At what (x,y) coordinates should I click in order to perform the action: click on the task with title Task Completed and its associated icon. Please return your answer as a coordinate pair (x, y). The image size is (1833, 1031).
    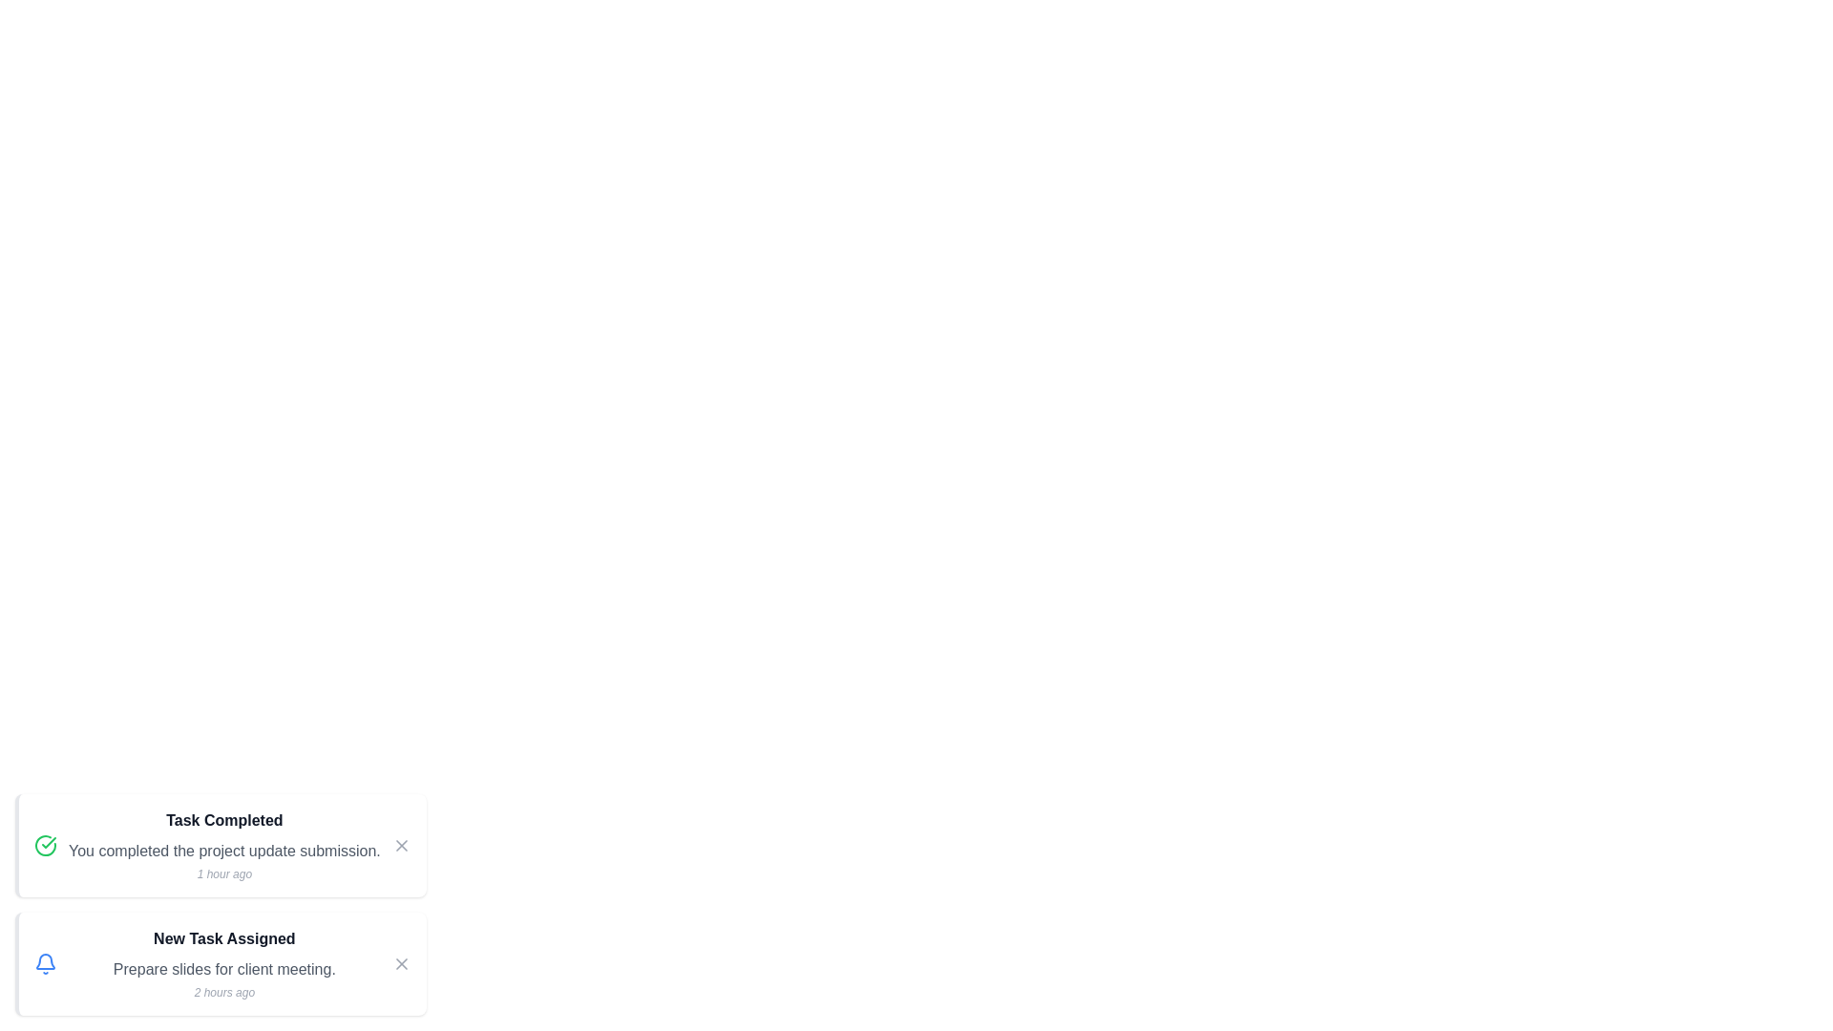
    Looking at the image, I should click on (224, 820).